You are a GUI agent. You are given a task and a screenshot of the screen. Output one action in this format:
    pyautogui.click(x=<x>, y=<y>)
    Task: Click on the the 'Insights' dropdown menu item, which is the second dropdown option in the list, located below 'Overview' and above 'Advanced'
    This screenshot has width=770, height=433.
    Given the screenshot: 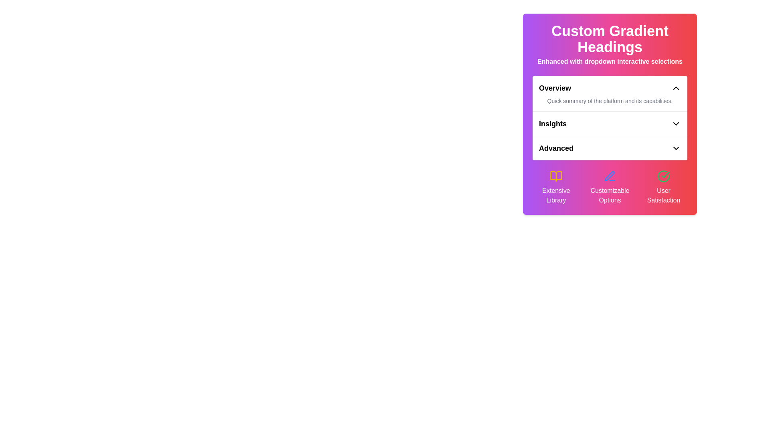 What is the action you would take?
    pyautogui.click(x=610, y=114)
    